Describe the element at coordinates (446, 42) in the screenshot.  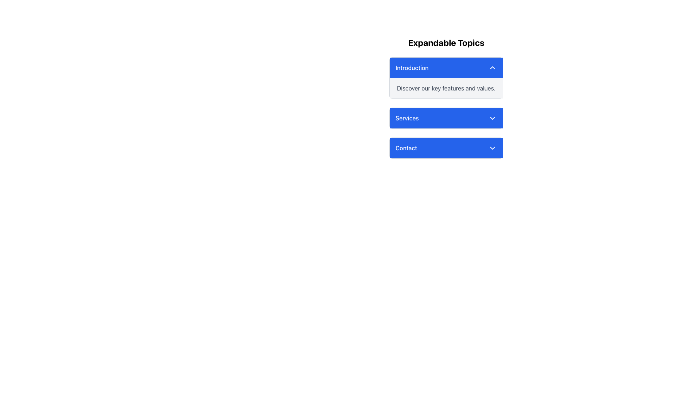
I see `the text display element that prominently shows 'Expandable Topics', styled with bold and enlarged font, located at the top of the content area` at that location.